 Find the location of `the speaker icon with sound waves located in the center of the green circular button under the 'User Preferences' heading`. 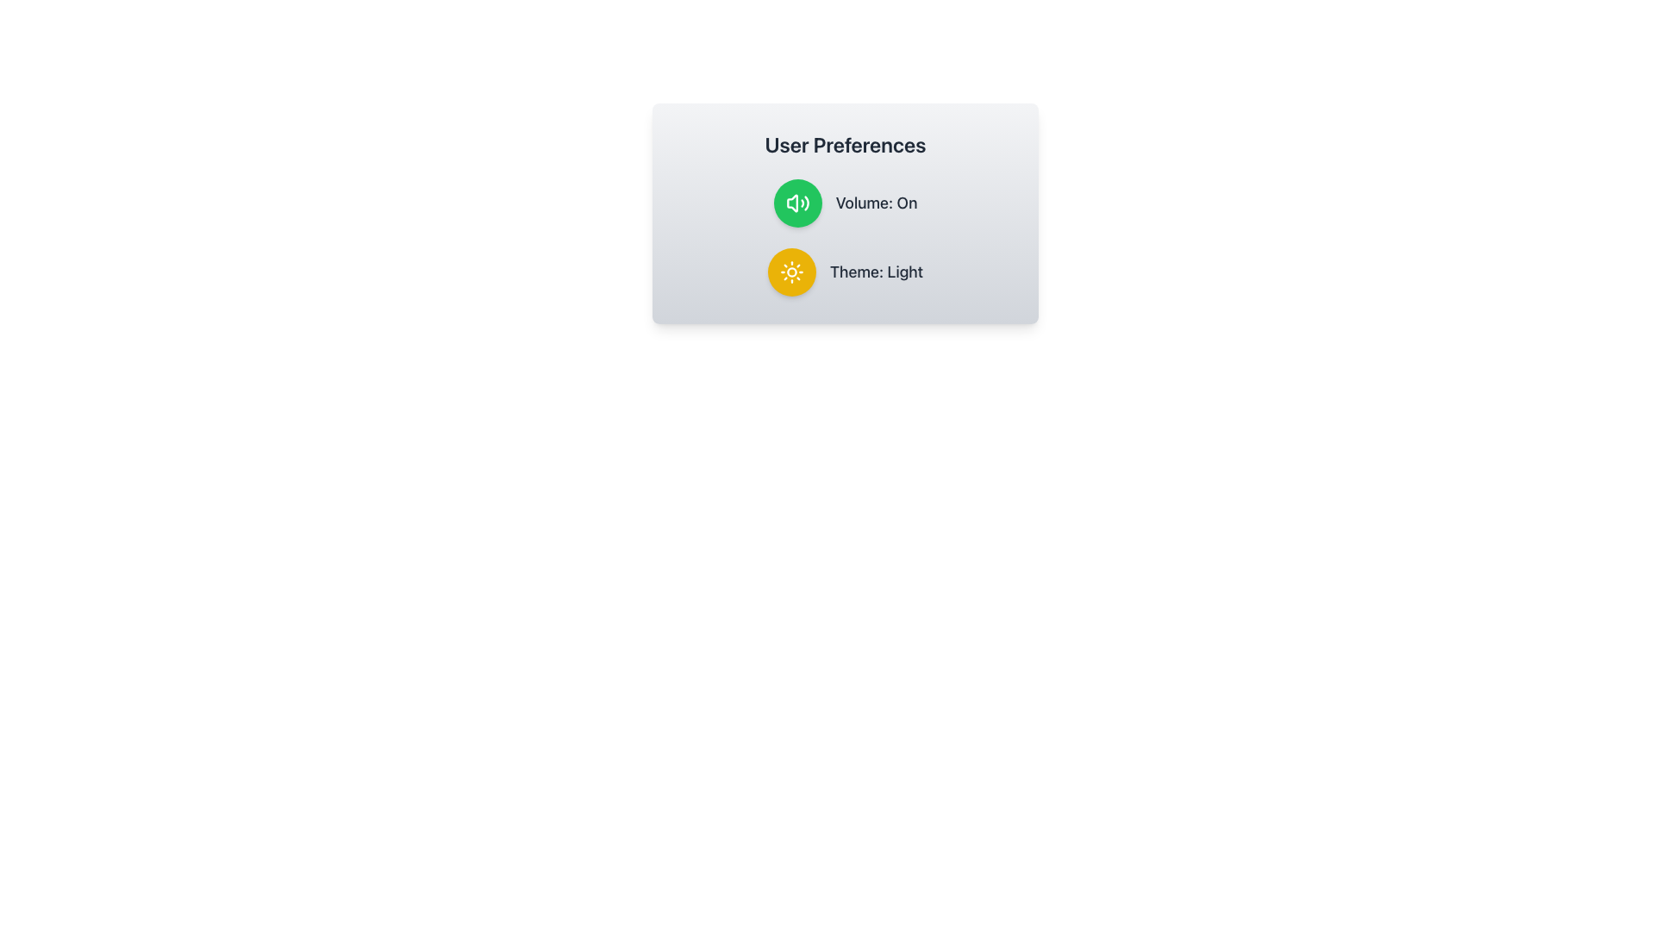

the speaker icon with sound waves located in the center of the green circular button under the 'User Preferences' heading is located at coordinates (796, 202).